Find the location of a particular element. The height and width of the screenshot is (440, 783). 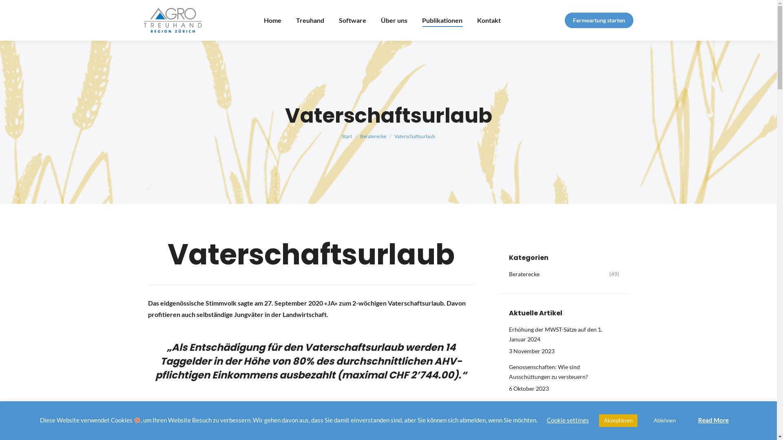

'Software' is located at coordinates (352, 20).